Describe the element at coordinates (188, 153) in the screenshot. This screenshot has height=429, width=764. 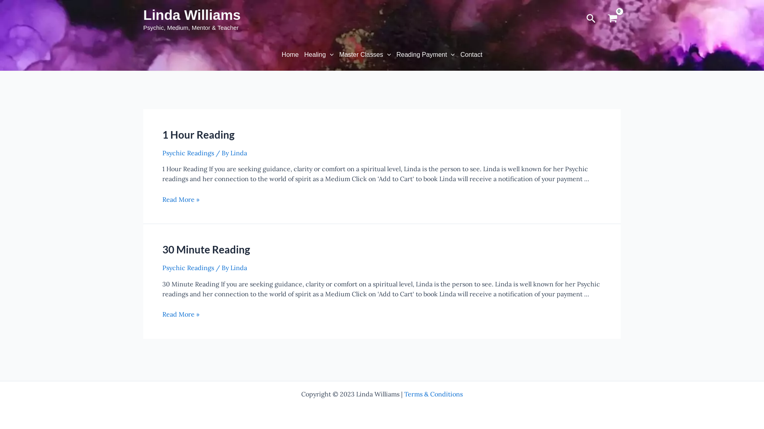
I see `'Psychic Readings'` at that location.